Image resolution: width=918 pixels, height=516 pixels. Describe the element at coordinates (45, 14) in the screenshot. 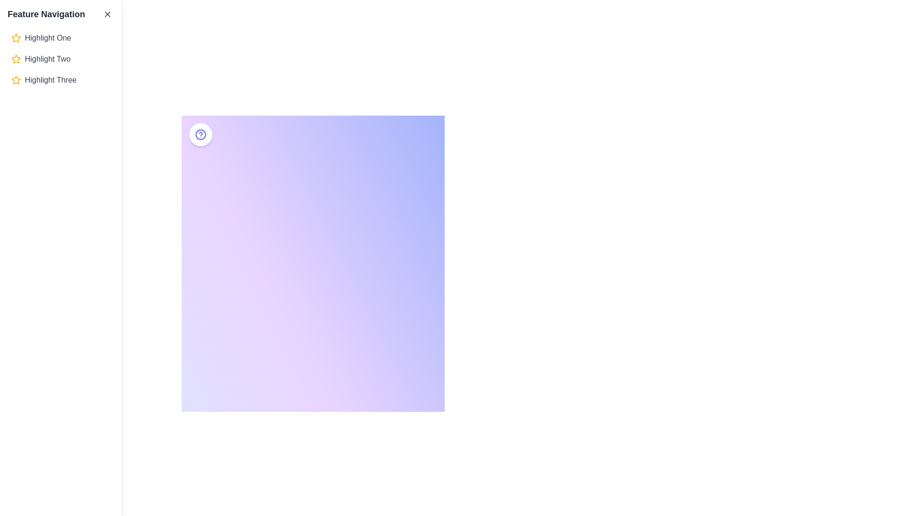

I see `the bold text label 'Feature Navigation' located in the top-left section of the vertical sidebar` at that location.